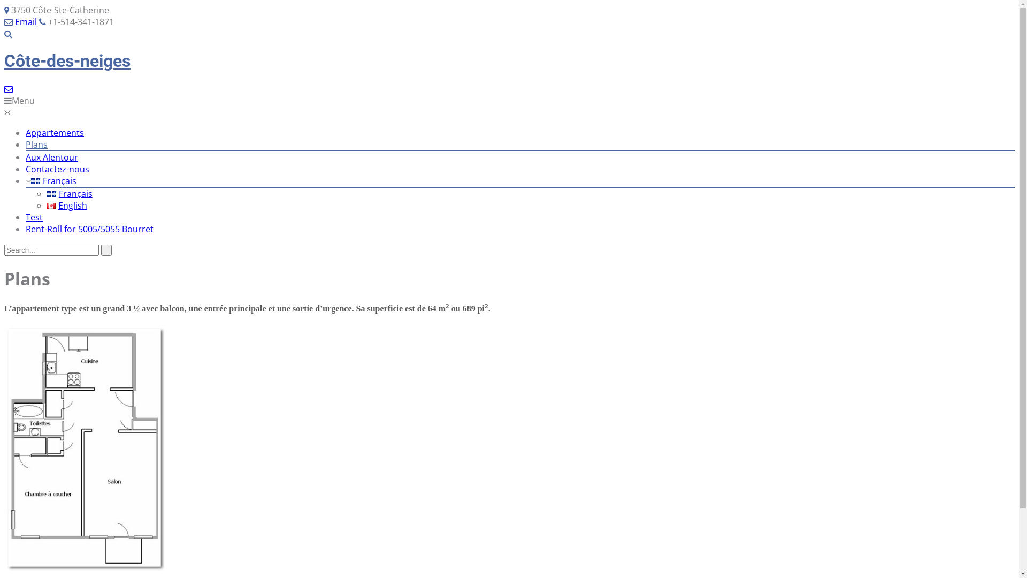  What do you see at coordinates (36, 144) in the screenshot?
I see `'Plans'` at bounding box center [36, 144].